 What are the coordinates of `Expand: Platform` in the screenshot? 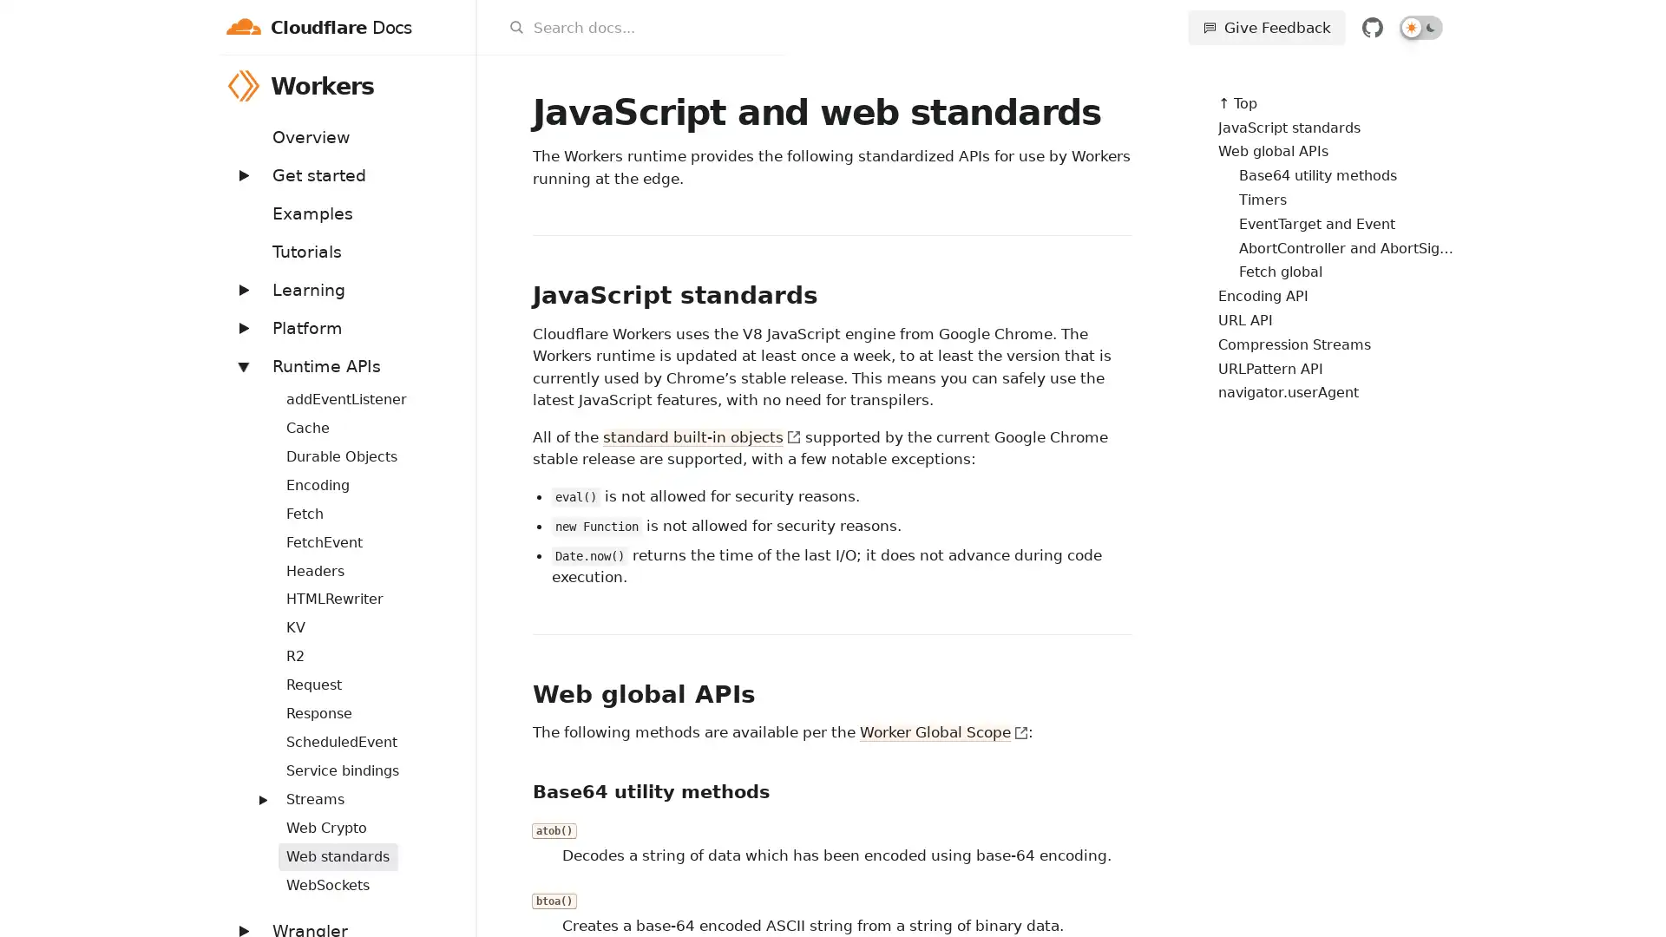 It's located at (241, 327).